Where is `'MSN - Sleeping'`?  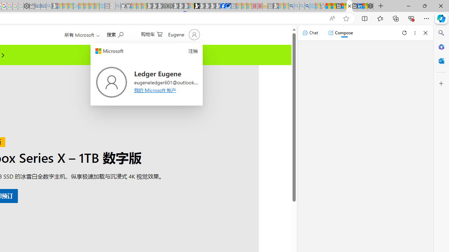
'MSN - Sleeping' is located at coordinates (275, 6).